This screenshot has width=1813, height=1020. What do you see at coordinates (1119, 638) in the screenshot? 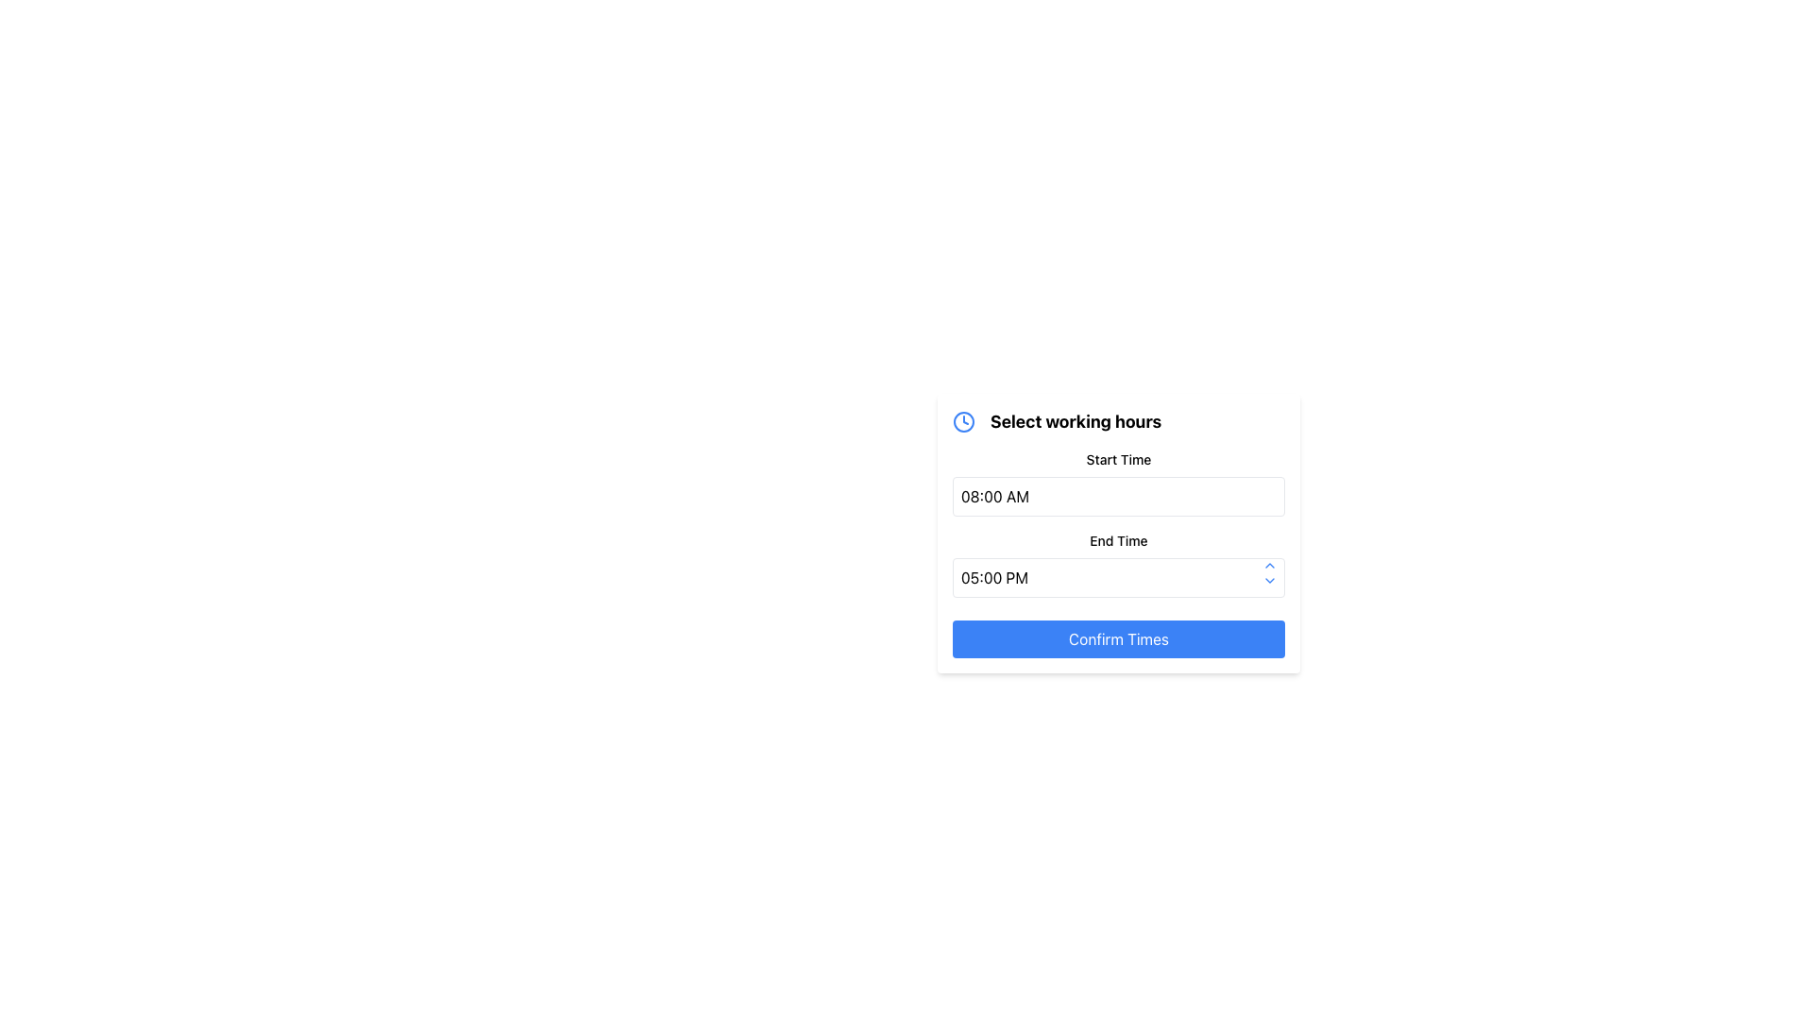
I see `the 'Confirm Times' button located at the bottom of the 'Select working hours' card to confirm times` at bounding box center [1119, 638].